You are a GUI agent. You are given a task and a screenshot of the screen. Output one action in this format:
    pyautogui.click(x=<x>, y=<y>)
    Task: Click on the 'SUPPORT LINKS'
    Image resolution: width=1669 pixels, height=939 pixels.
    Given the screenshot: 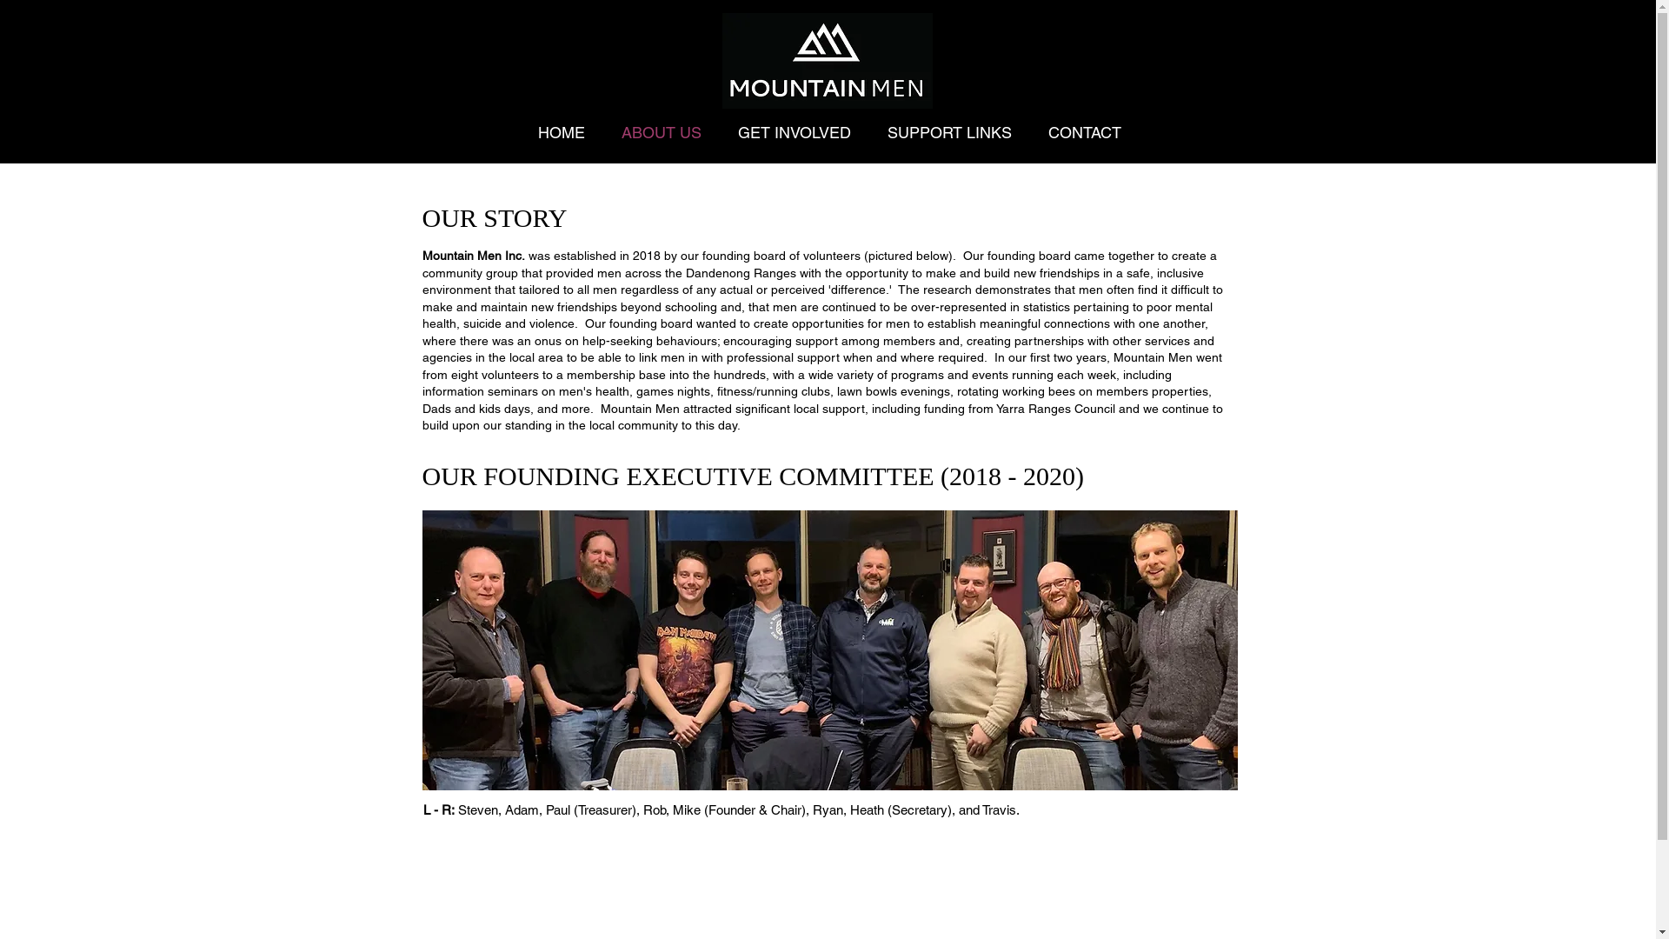 What is the action you would take?
    pyautogui.click(x=948, y=131)
    